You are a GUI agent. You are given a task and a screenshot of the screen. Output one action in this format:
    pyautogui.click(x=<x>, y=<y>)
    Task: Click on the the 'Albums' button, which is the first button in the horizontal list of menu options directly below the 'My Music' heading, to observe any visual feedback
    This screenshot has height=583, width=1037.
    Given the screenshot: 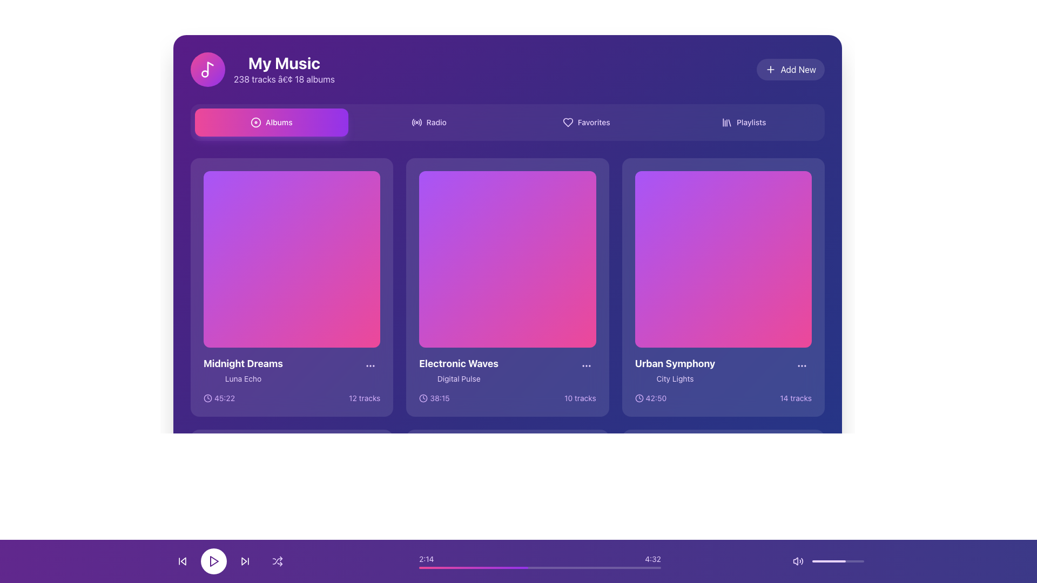 What is the action you would take?
    pyautogui.click(x=271, y=122)
    